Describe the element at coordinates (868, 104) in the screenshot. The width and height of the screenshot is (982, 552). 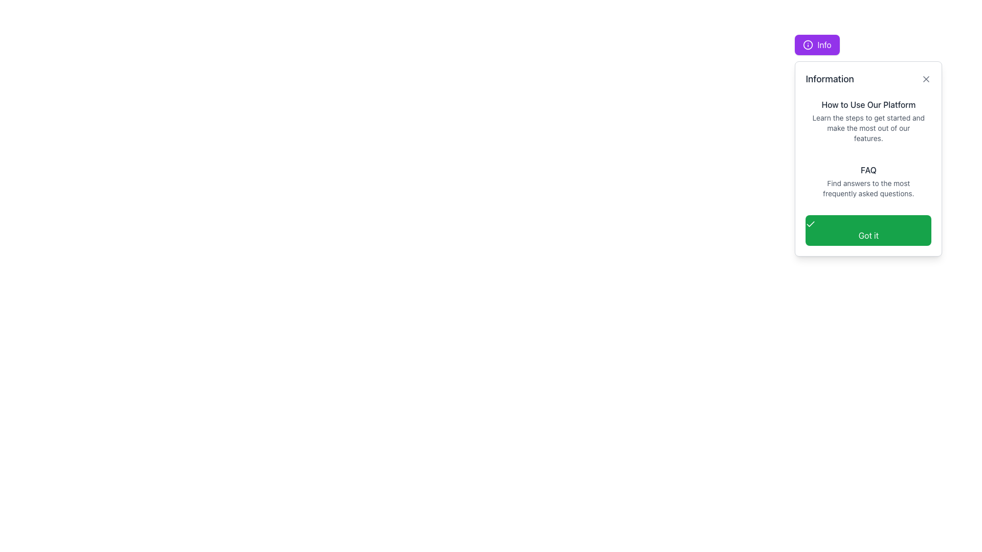
I see `text label displaying 'How to Use Our Platform', which is styled in bold dark gray and located at the top of the 'Information' card` at that location.